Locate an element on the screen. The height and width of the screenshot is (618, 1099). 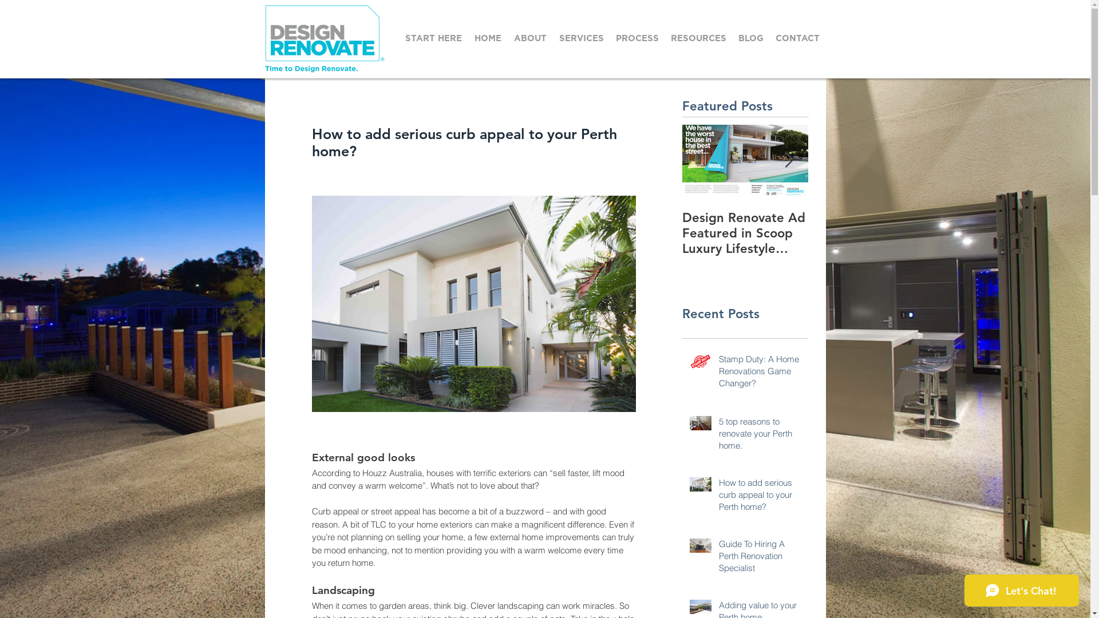
'START HERE' is located at coordinates (433, 38).